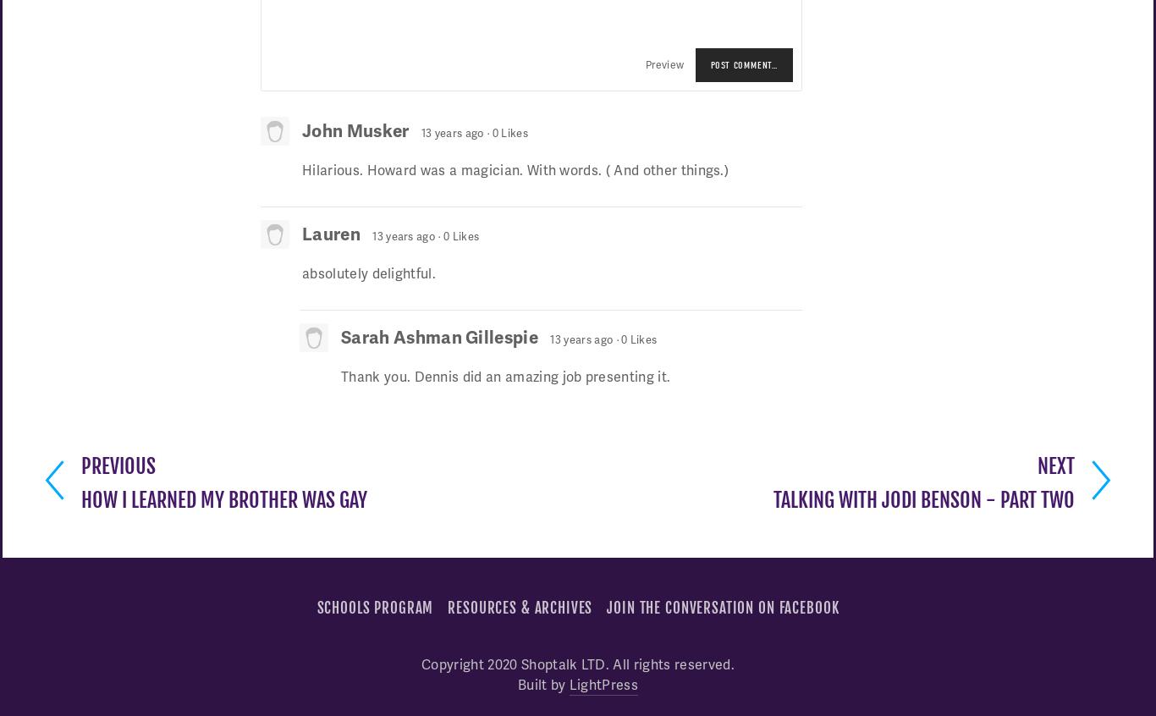 This screenshot has height=716, width=1156. Describe the element at coordinates (448, 606) in the screenshot. I see `'Resources & Archives'` at that location.